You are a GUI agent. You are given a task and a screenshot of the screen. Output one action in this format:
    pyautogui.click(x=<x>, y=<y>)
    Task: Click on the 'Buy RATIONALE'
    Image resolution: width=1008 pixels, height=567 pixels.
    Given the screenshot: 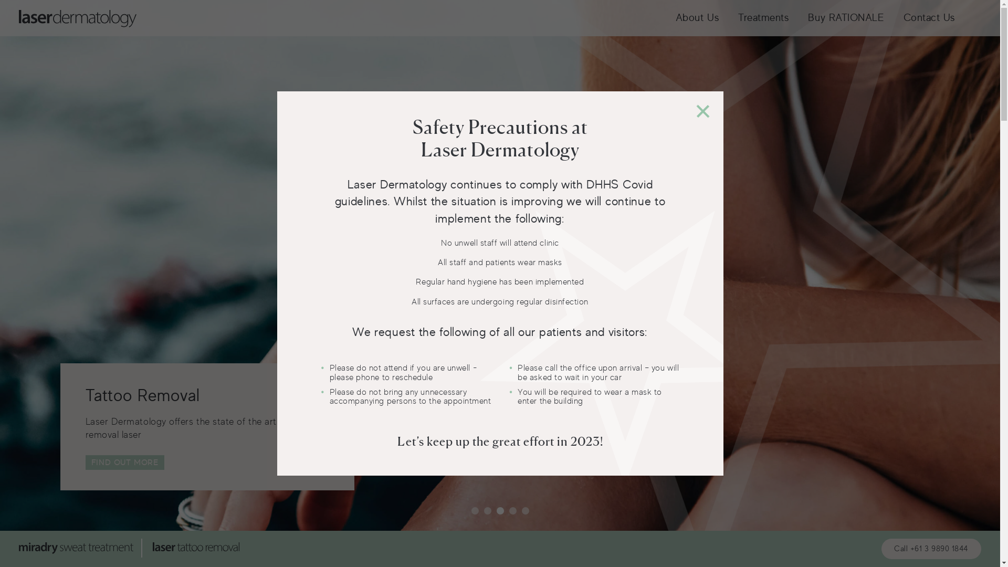 What is the action you would take?
    pyautogui.click(x=804, y=18)
    